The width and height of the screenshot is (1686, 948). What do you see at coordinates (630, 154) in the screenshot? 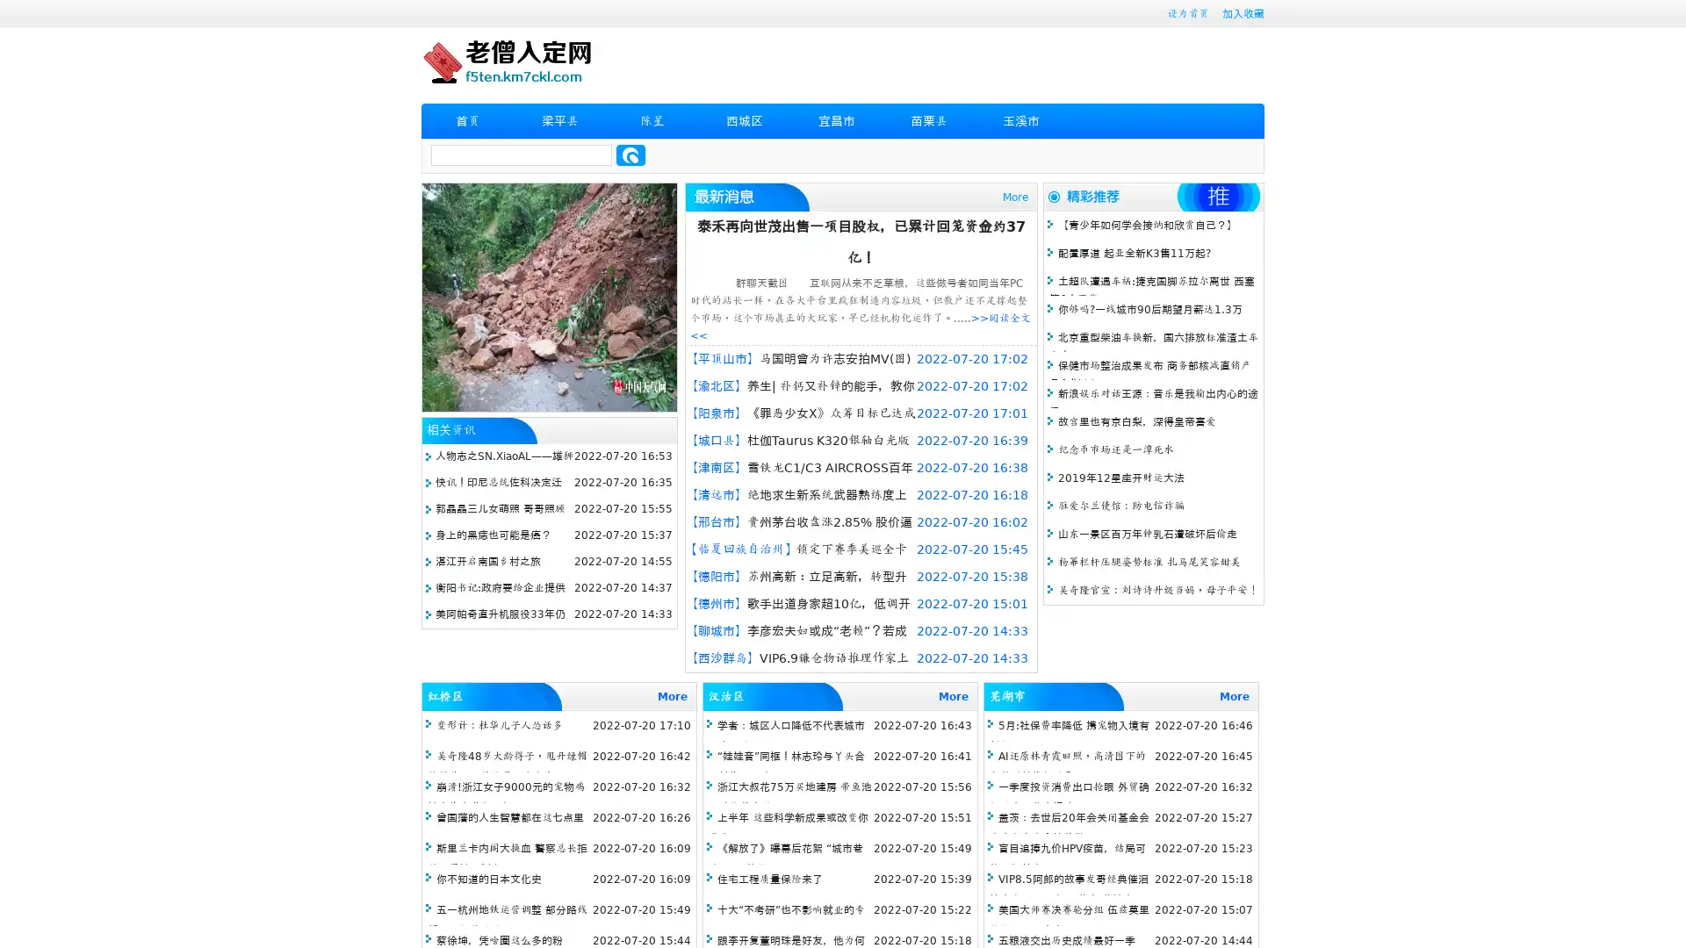
I see `Search` at bounding box center [630, 154].